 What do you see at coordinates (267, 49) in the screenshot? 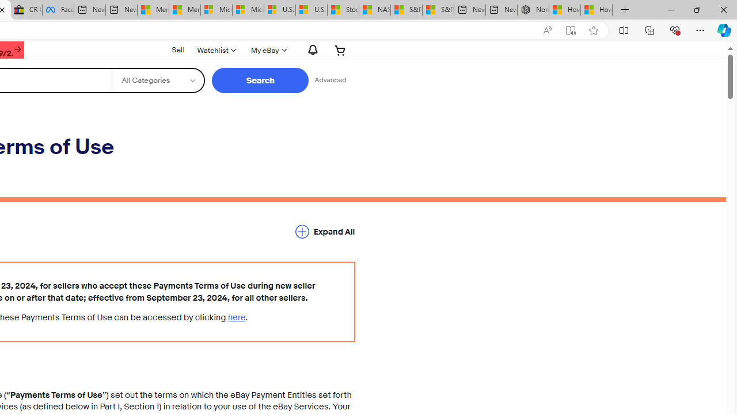
I see `'My eBay'` at bounding box center [267, 49].